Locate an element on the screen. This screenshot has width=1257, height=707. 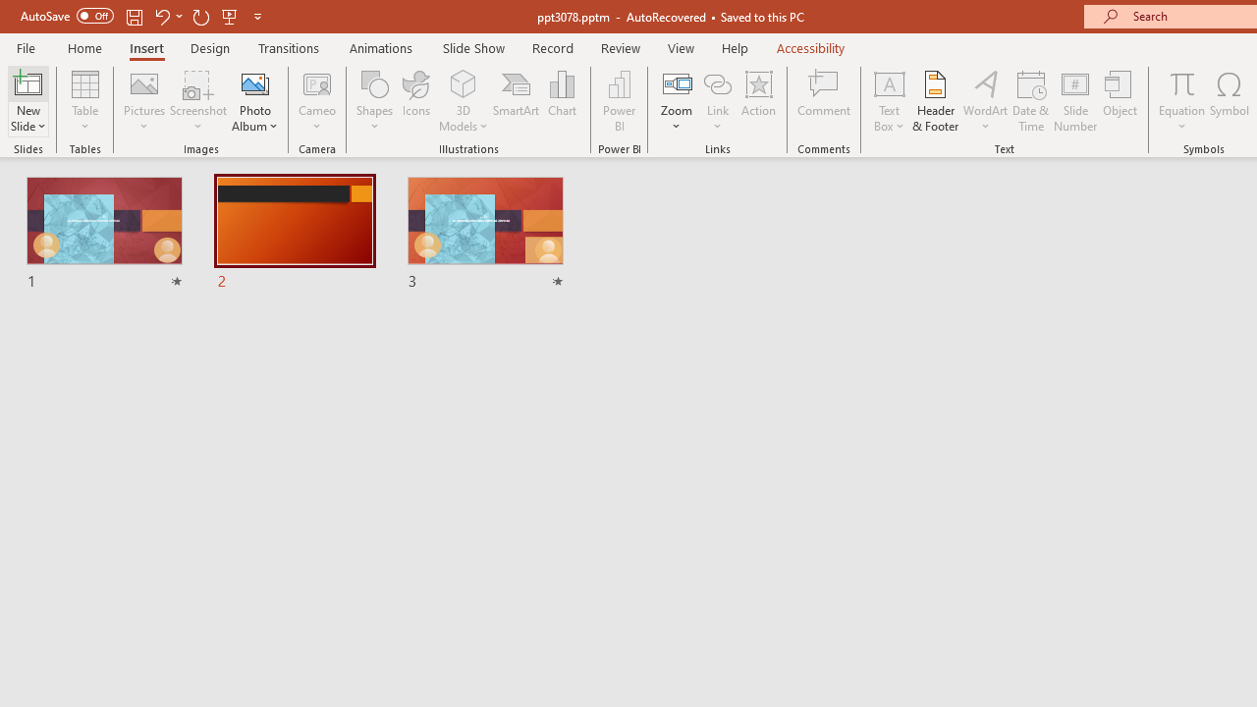
'Table' is located at coordinates (84, 101).